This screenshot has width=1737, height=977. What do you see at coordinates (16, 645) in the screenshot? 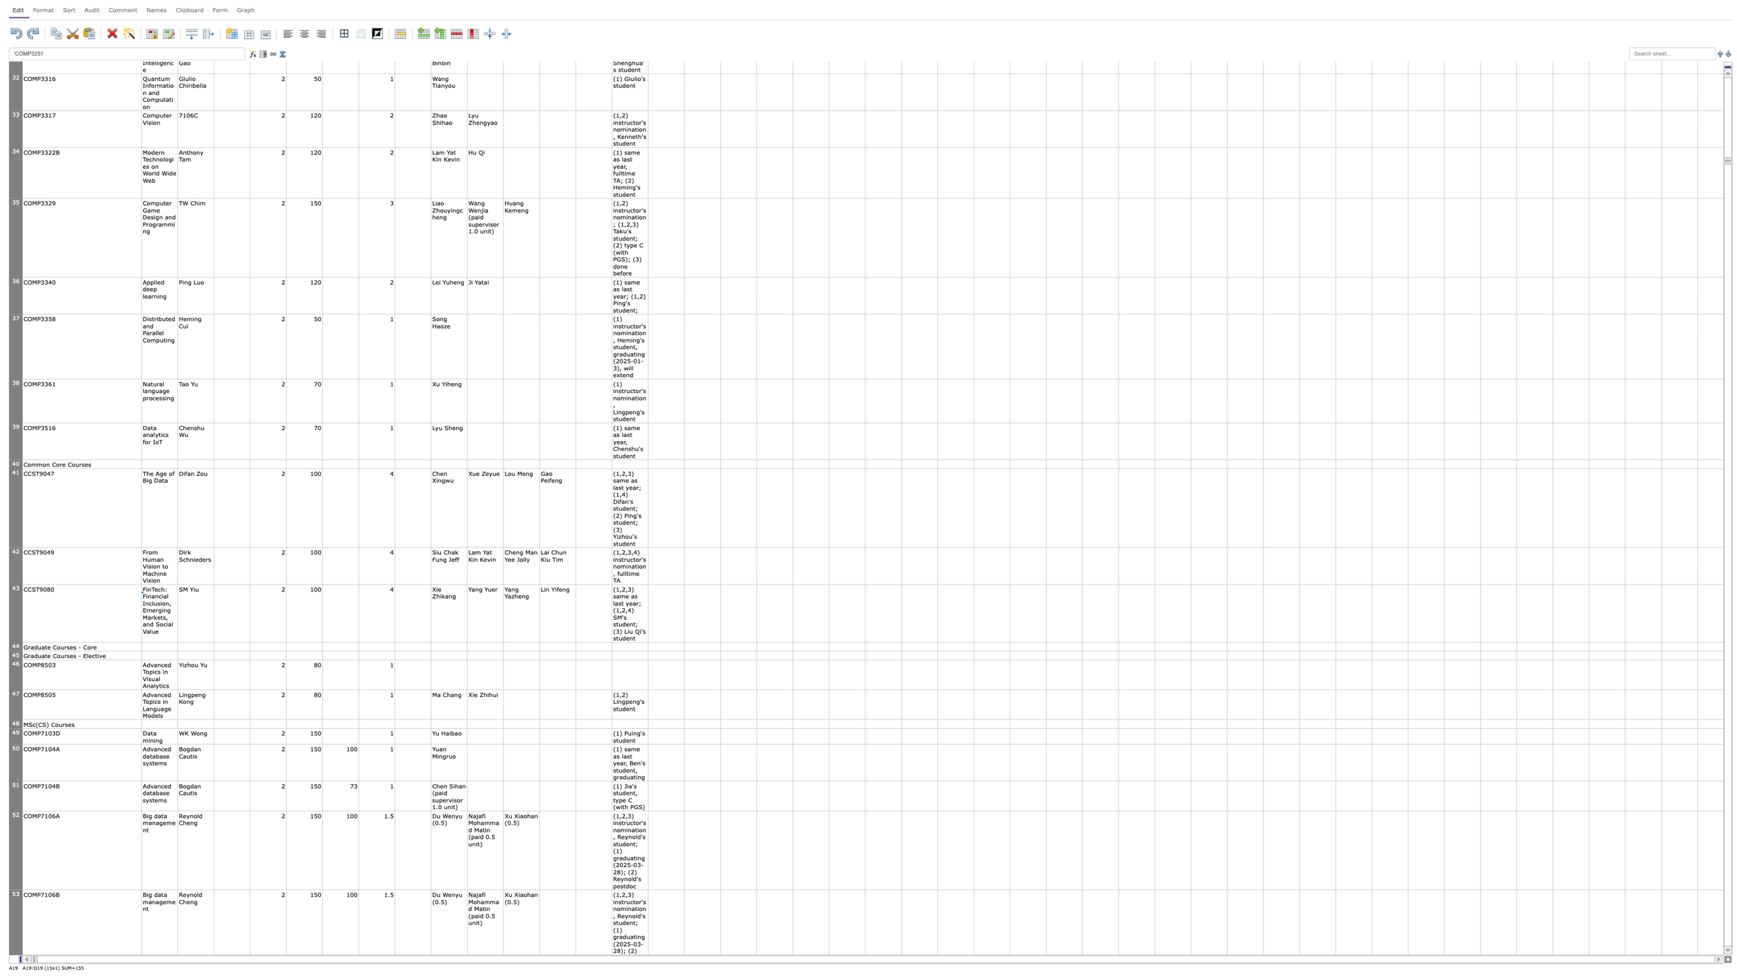
I see `row 44` at bounding box center [16, 645].